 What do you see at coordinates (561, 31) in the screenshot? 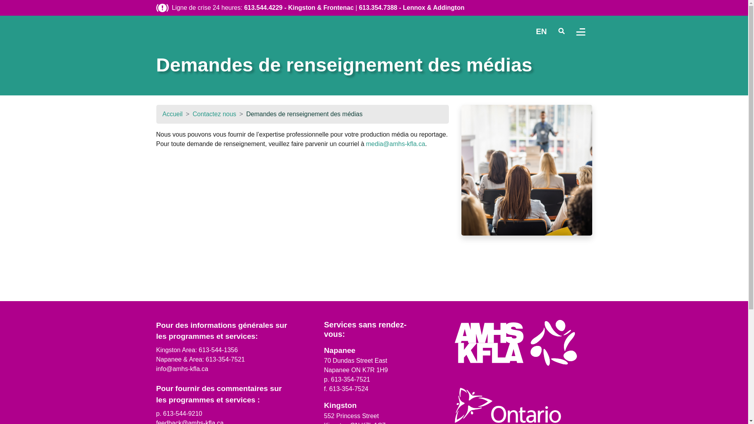
I see `'Search'` at bounding box center [561, 31].